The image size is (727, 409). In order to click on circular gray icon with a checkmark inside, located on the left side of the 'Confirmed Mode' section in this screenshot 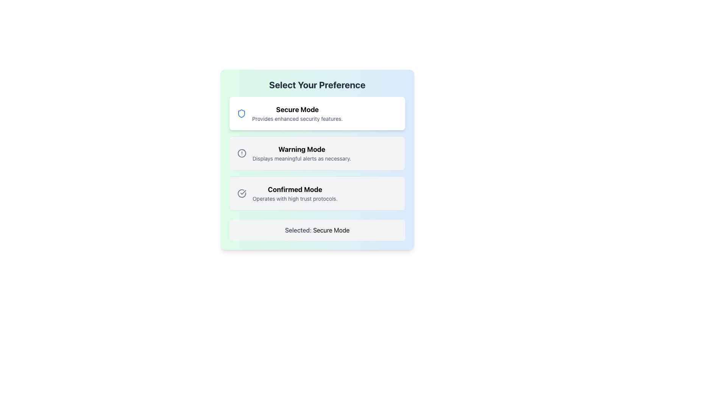, I will do `click(241, 193)`.